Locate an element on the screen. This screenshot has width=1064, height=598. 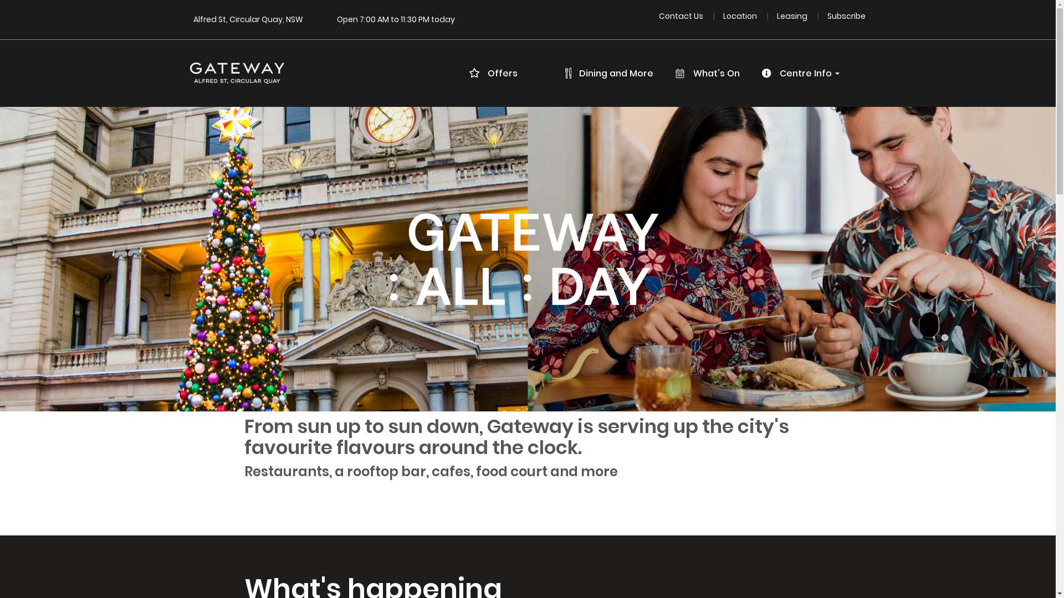
'Location' is located at coordinates (741, 16).